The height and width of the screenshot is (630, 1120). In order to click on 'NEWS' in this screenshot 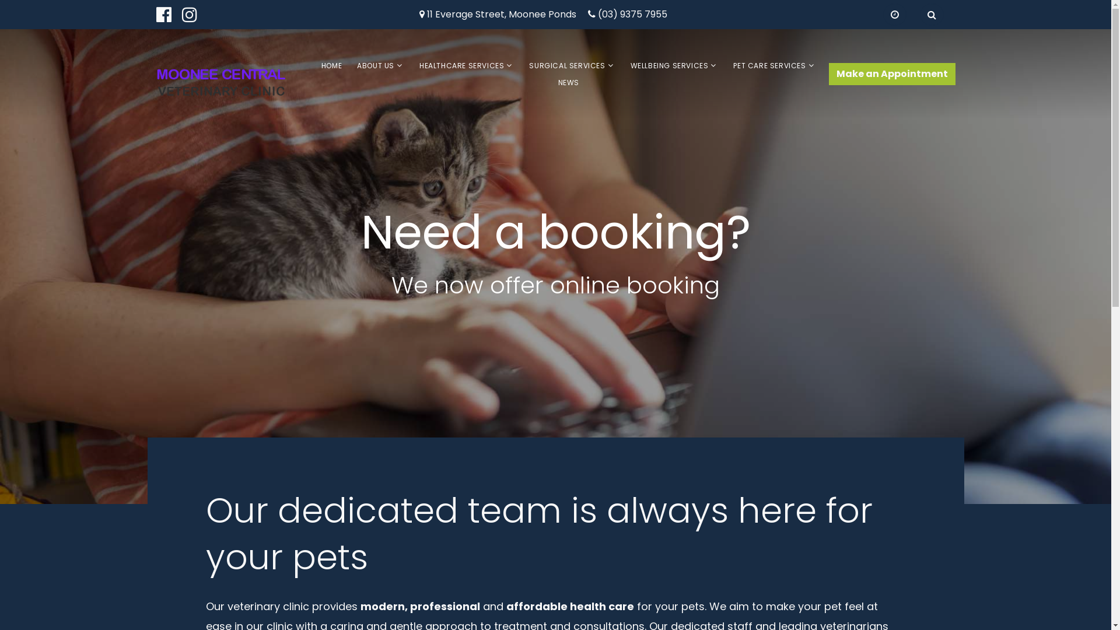, I will do `click(568, 82)`.